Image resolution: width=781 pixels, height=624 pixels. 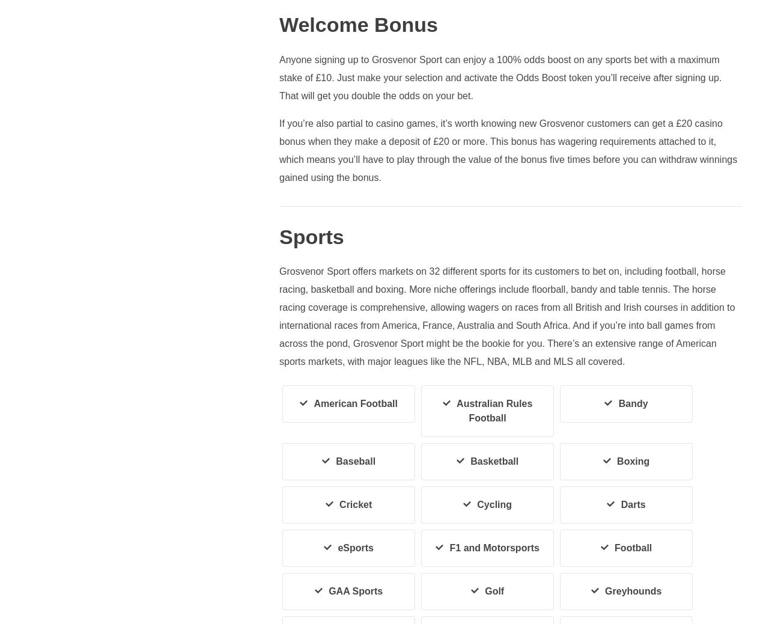 I want to click on 'Anyone signing up to Grosvenor Sport can enjoy a 100% odds boost on any sports bet with a maximum stake of £10. Just make your selection and activate the Odds Boost token you’ll receive after signing up. That will get you double the odds on your bet.', so click(x=278, y=76).